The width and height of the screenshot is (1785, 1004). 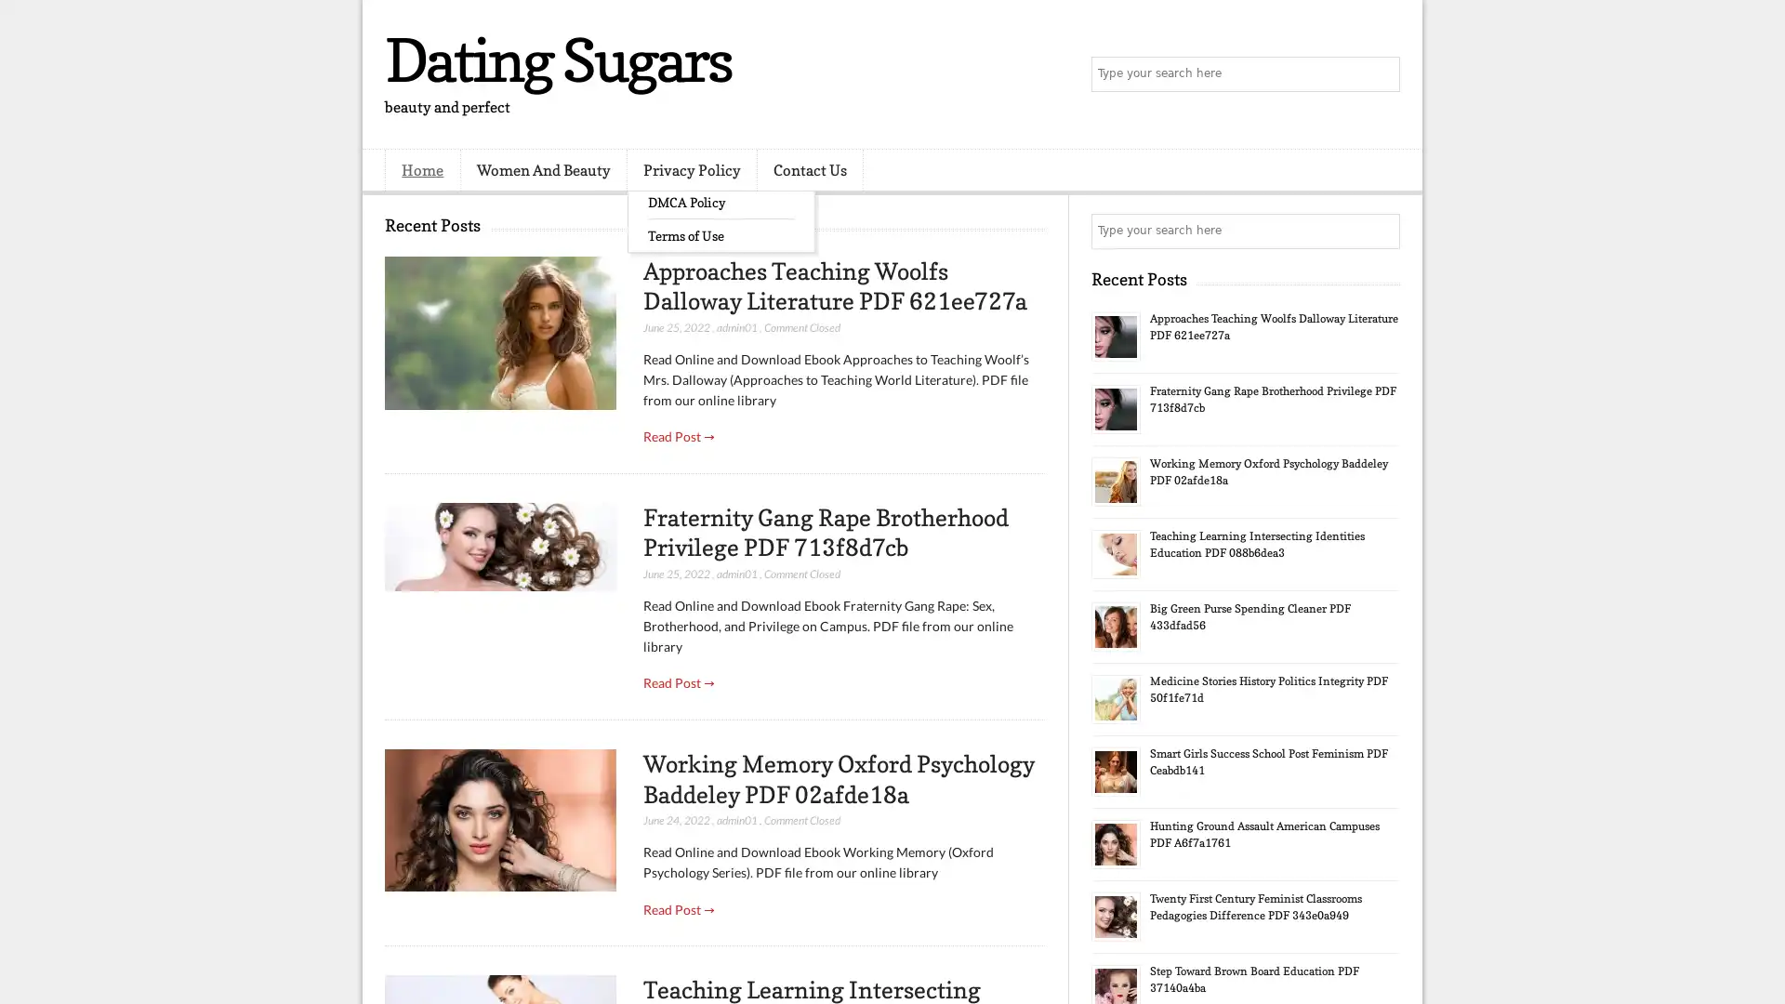 I want to click on Search, so click(x=1381, y=74).